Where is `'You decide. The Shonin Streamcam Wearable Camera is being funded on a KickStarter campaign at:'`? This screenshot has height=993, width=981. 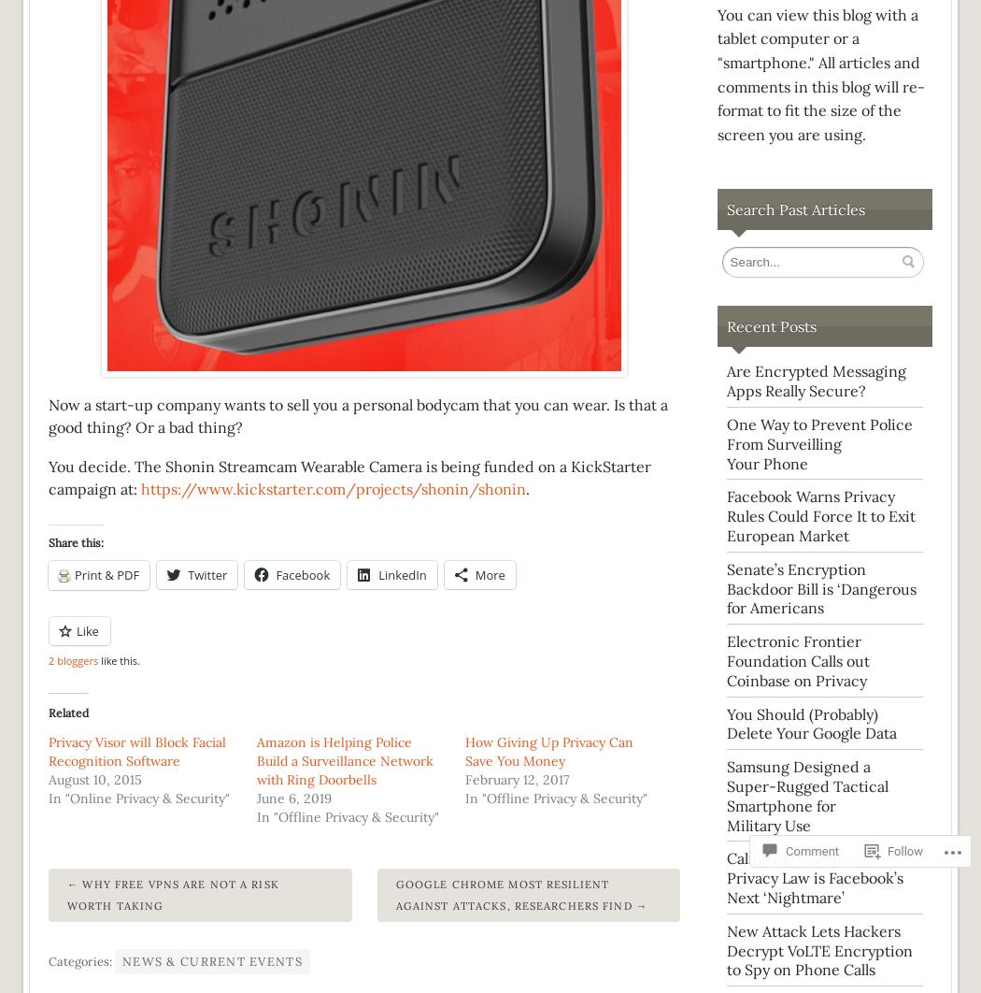 'You decide. The Shonin Streamcam Wearable Camera is being funded on a KickStarter campaign at:' is located at coordinates (348, 475).